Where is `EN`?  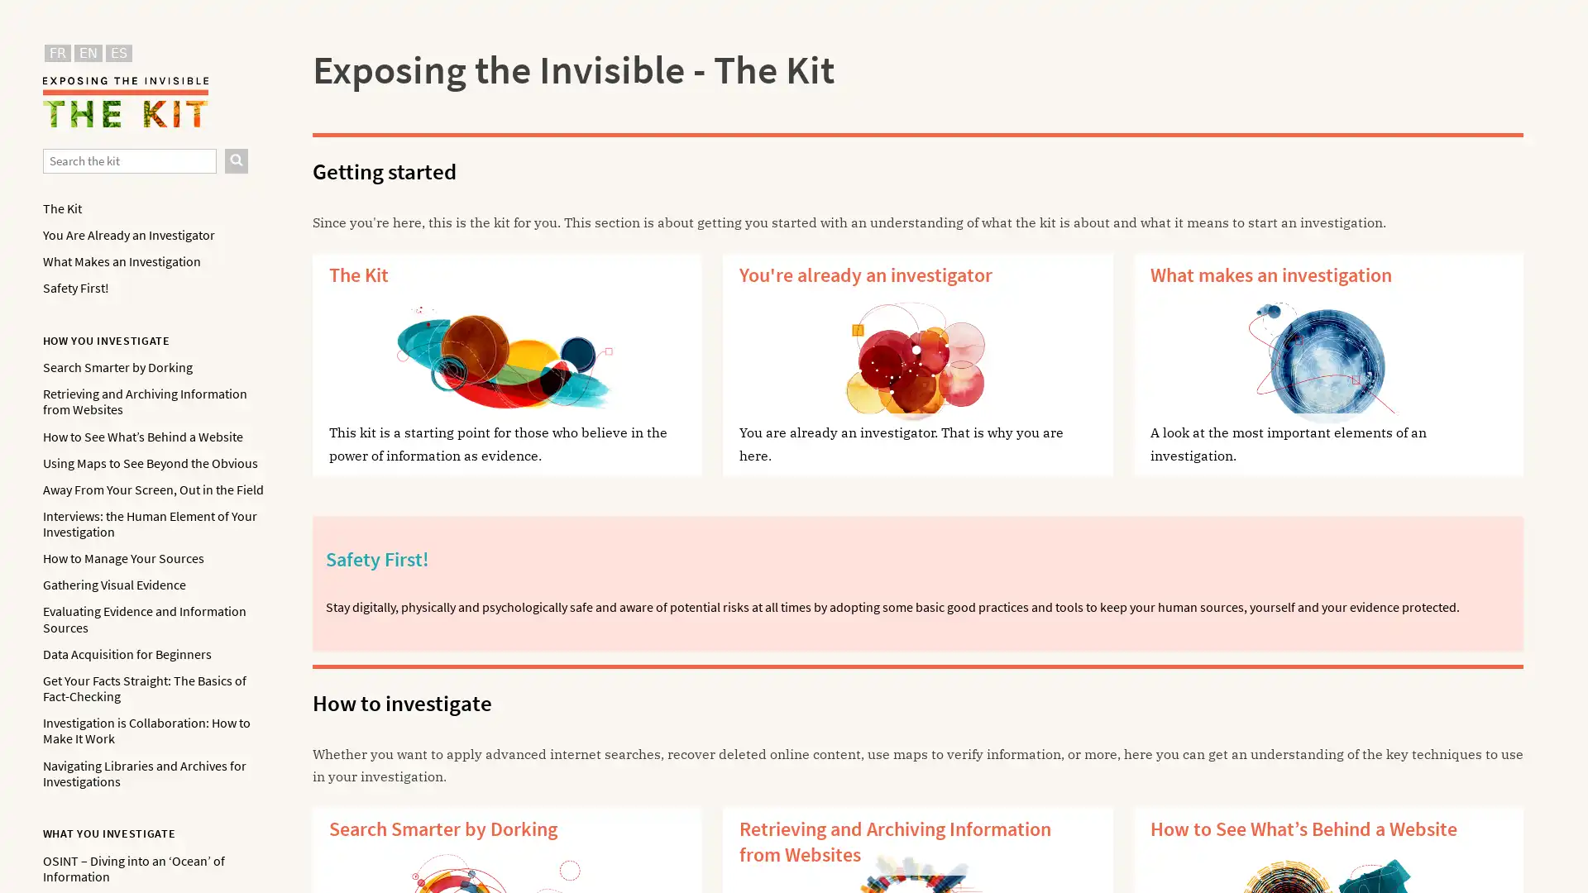 EN is located at coordinates (86, 51).